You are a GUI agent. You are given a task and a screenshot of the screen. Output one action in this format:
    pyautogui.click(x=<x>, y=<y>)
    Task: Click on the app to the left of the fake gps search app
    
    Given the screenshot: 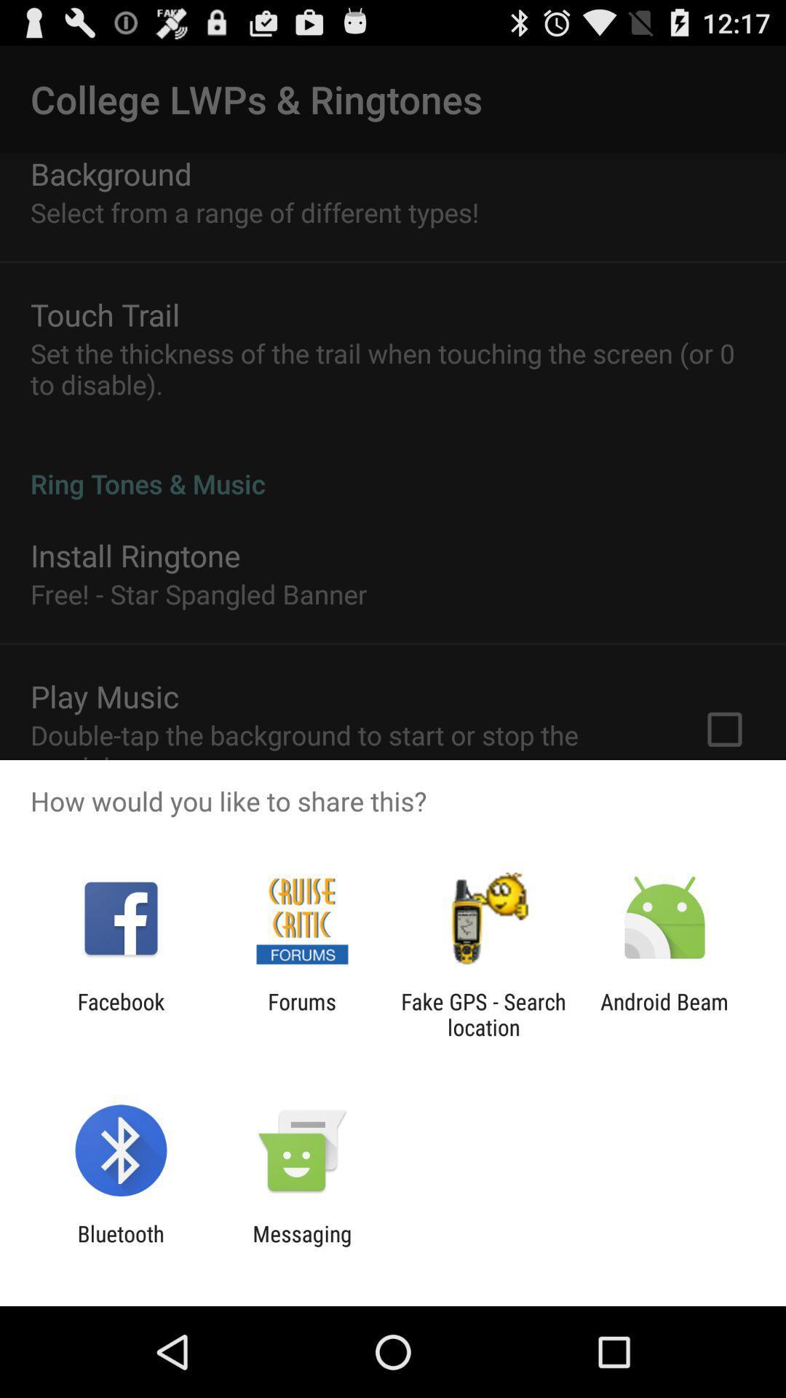 What is the action you would take?
    pyautogui.click(x=301, y=1014)
    